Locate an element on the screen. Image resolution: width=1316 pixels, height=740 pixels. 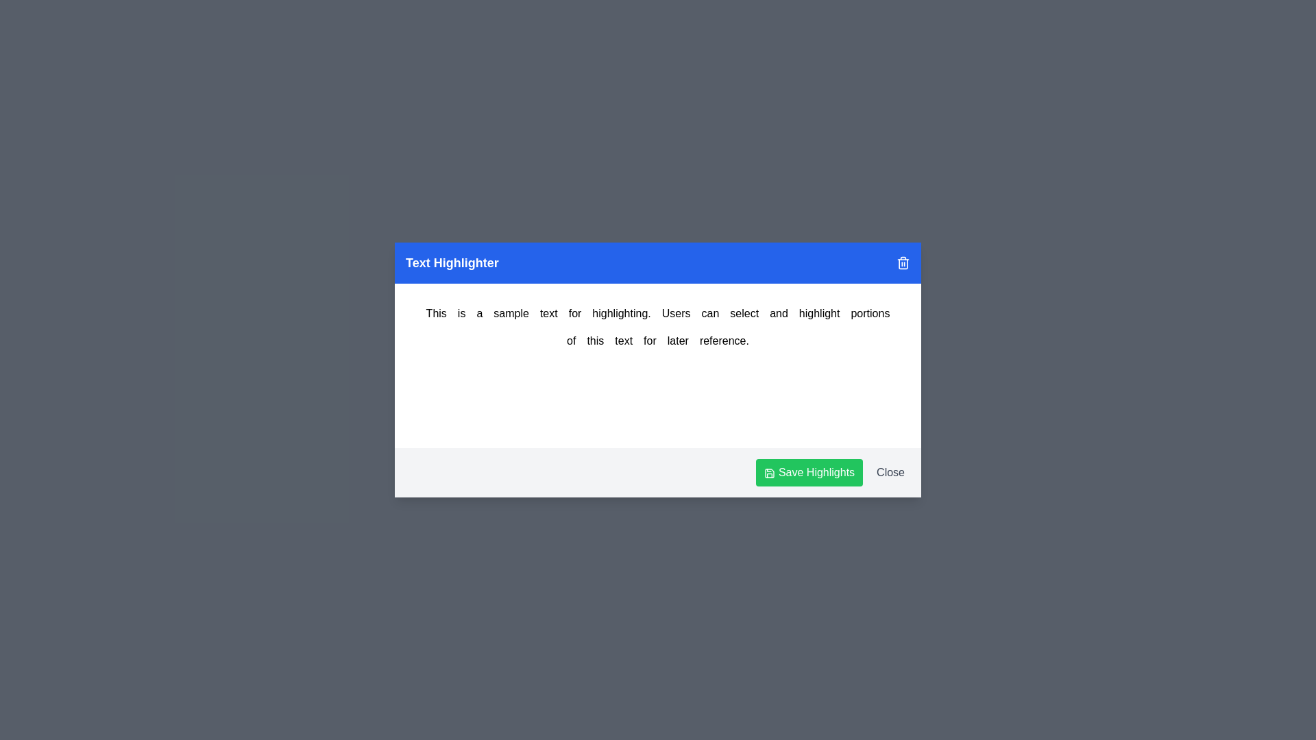
the word 'a' by clicking on it is located at coordinates (479, 314).